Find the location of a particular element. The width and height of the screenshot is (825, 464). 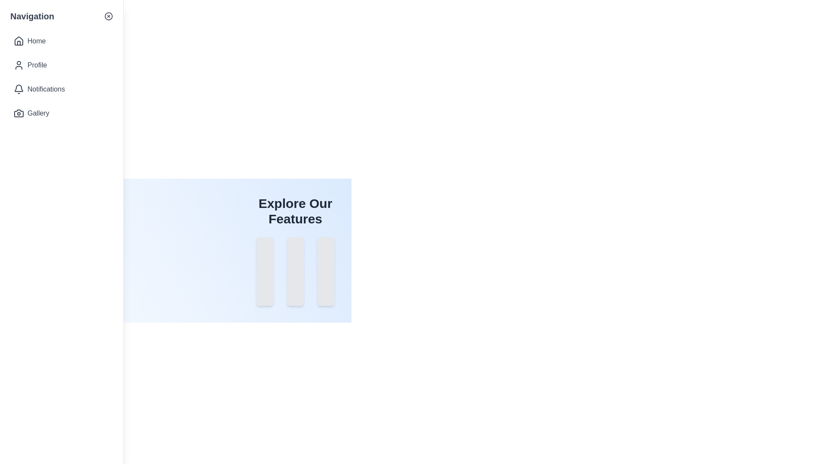

the close icon button located at the top-right corner of the navigation panel to change its color is located at coordinates (108, 16).